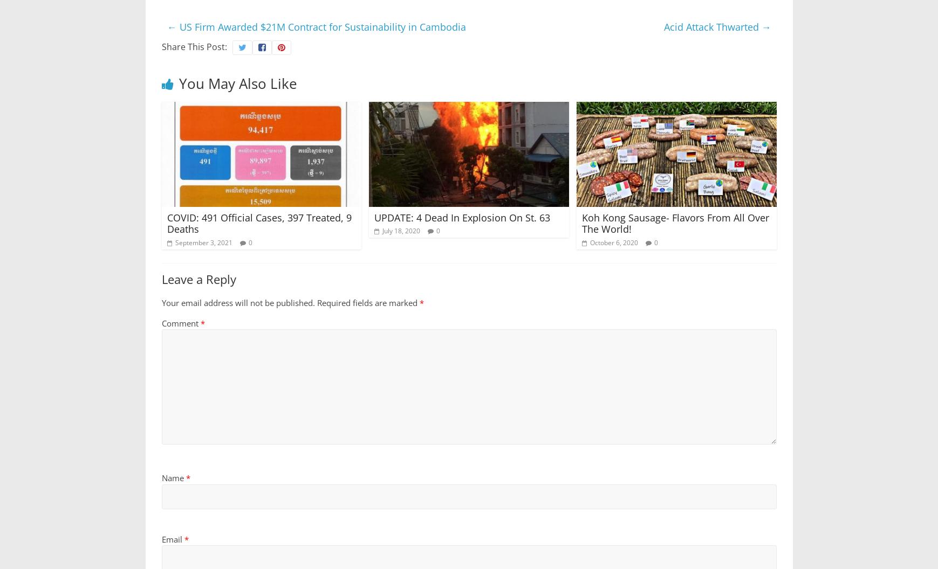 This screenshot has height=569, width=938. What do you see at coordinates (238, 302) in the screenshot?
I see `'Your email address will not be published.'` at bounding box center [238, 302].